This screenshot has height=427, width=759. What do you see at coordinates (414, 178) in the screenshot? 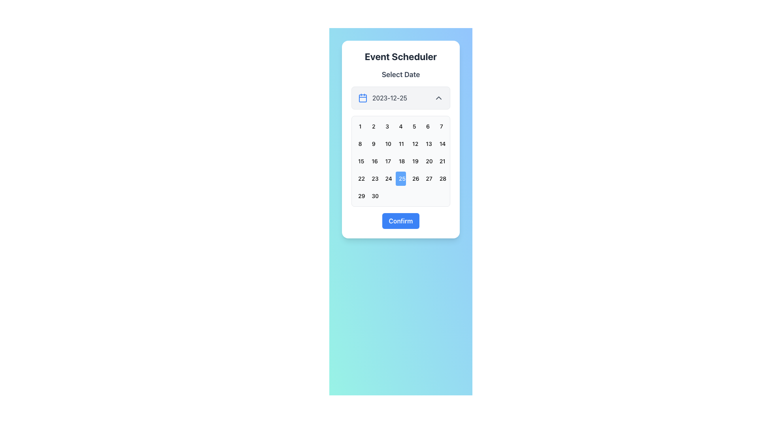
I see `the rounded square button displaying the number '26'` at bounding box center [414, 178].